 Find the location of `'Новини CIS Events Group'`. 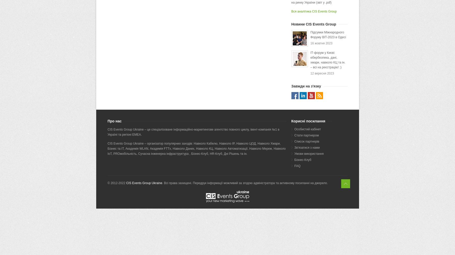

'Новини CIS Events Group' is located at coordinates (291, 24).